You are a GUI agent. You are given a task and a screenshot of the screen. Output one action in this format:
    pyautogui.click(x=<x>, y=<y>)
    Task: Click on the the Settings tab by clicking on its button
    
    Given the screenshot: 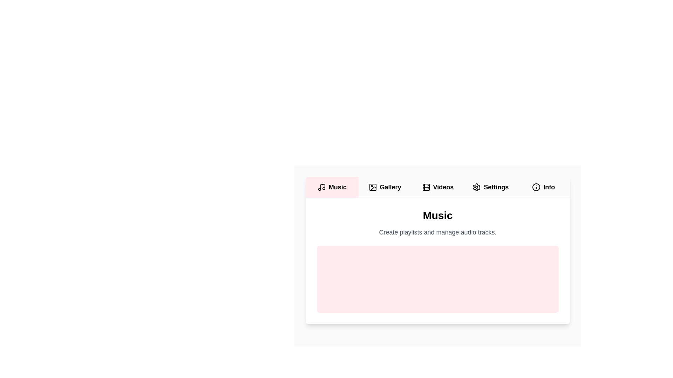 What is the action you would take?
    pyautogui.click(x=490, y=187)
    